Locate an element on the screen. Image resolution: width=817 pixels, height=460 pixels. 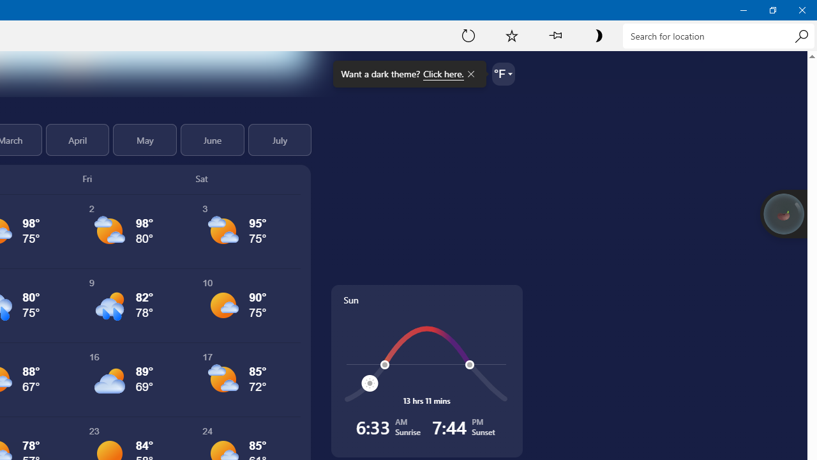
'Turn on dark theme' is located at coordinates (597, 34).